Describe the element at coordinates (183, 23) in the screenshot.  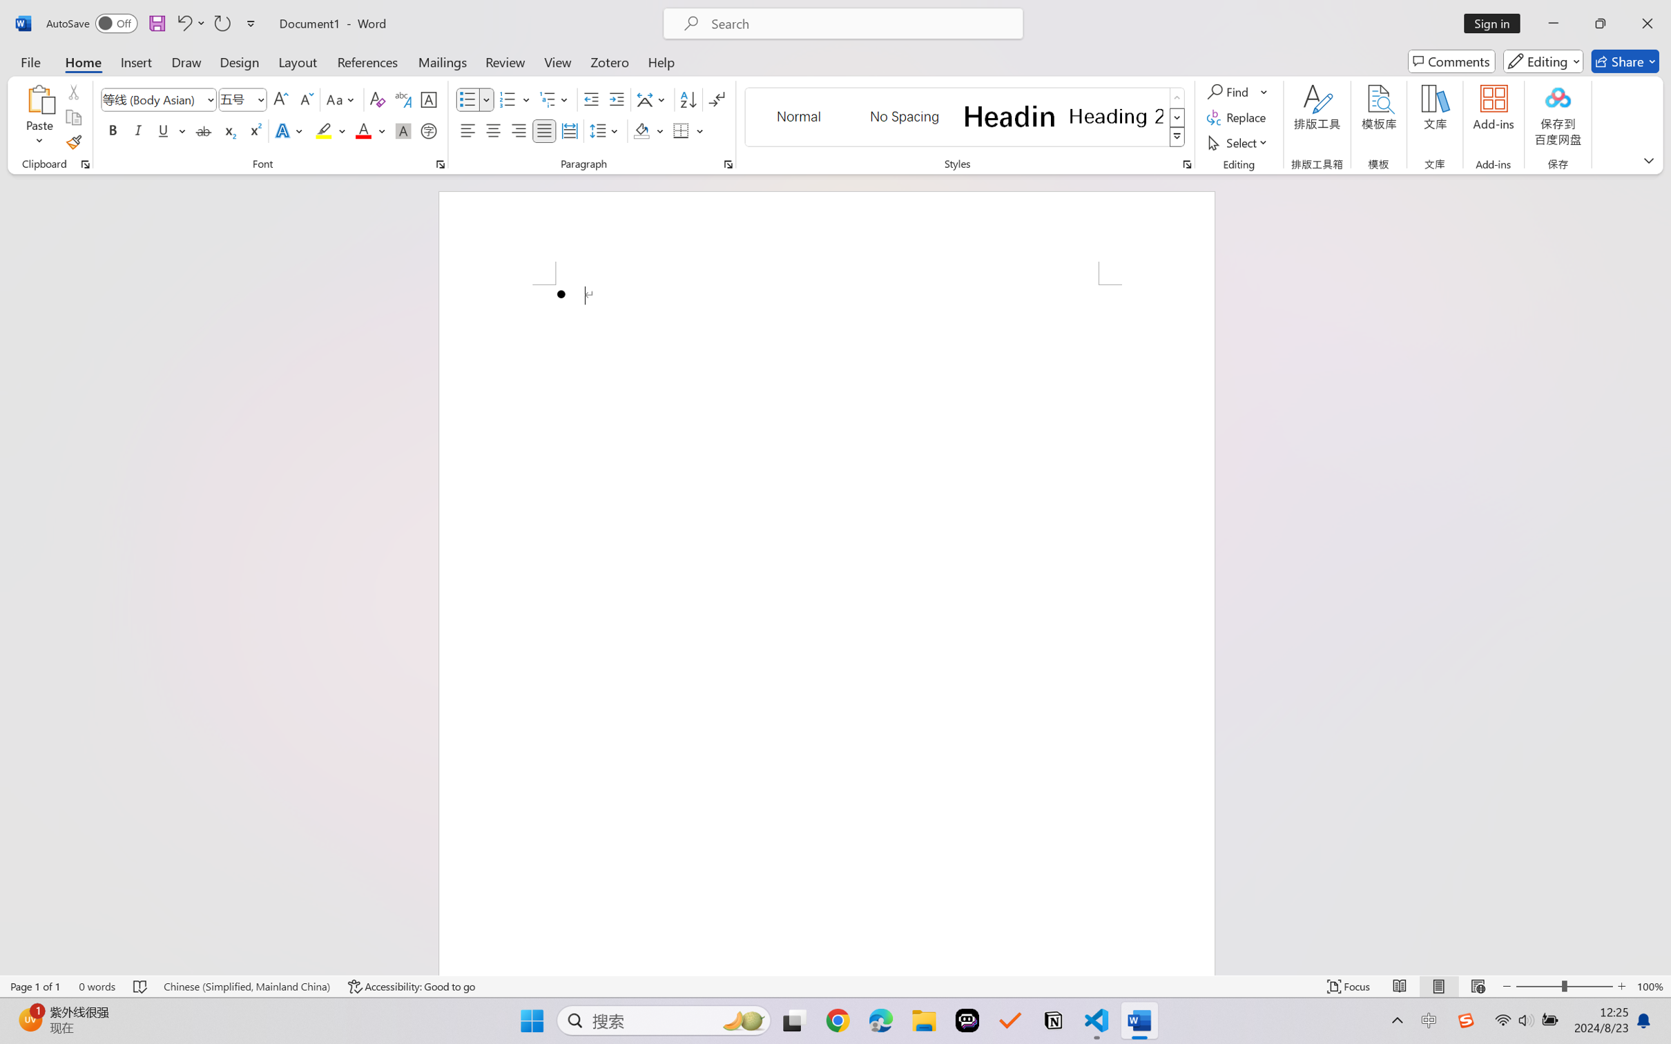
I see `'Undo Bullet Default'` at that location.